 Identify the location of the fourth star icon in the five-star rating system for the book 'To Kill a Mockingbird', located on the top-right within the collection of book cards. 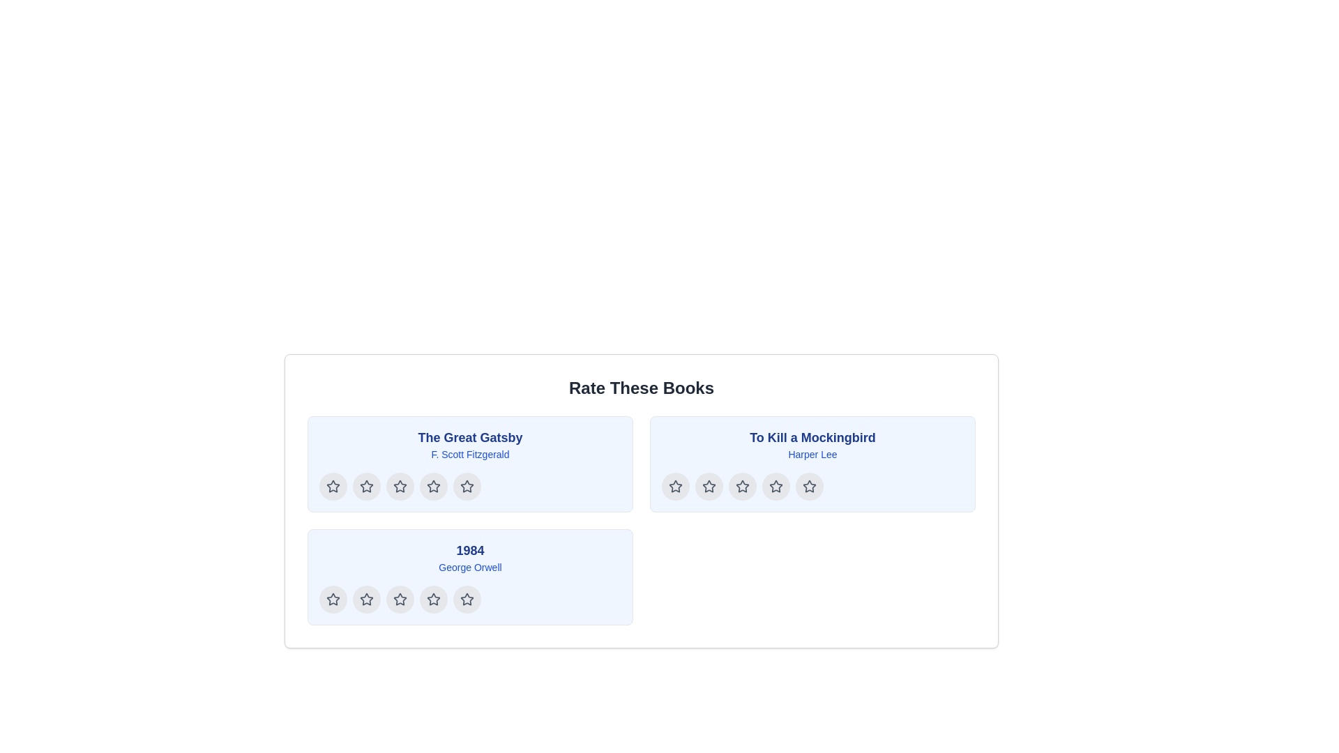
(742, 485).